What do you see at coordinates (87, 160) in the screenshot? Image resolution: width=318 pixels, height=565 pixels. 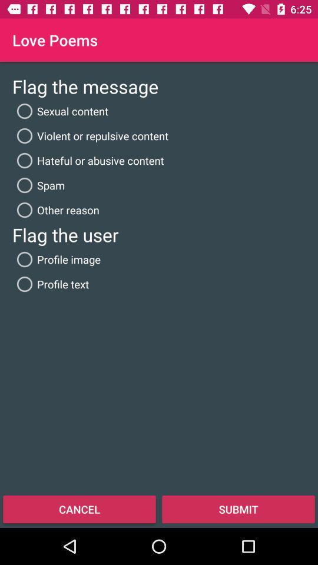 I see `item above spam icon` at bounding box center [87, 160].